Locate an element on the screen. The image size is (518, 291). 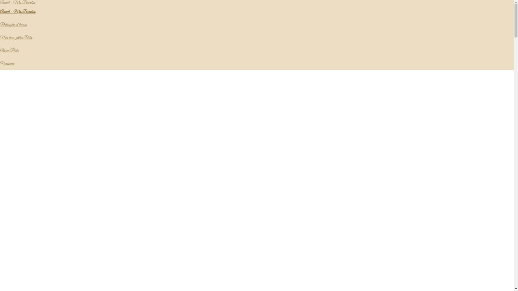
'Album Photo' is located at coordinates (9, 51).